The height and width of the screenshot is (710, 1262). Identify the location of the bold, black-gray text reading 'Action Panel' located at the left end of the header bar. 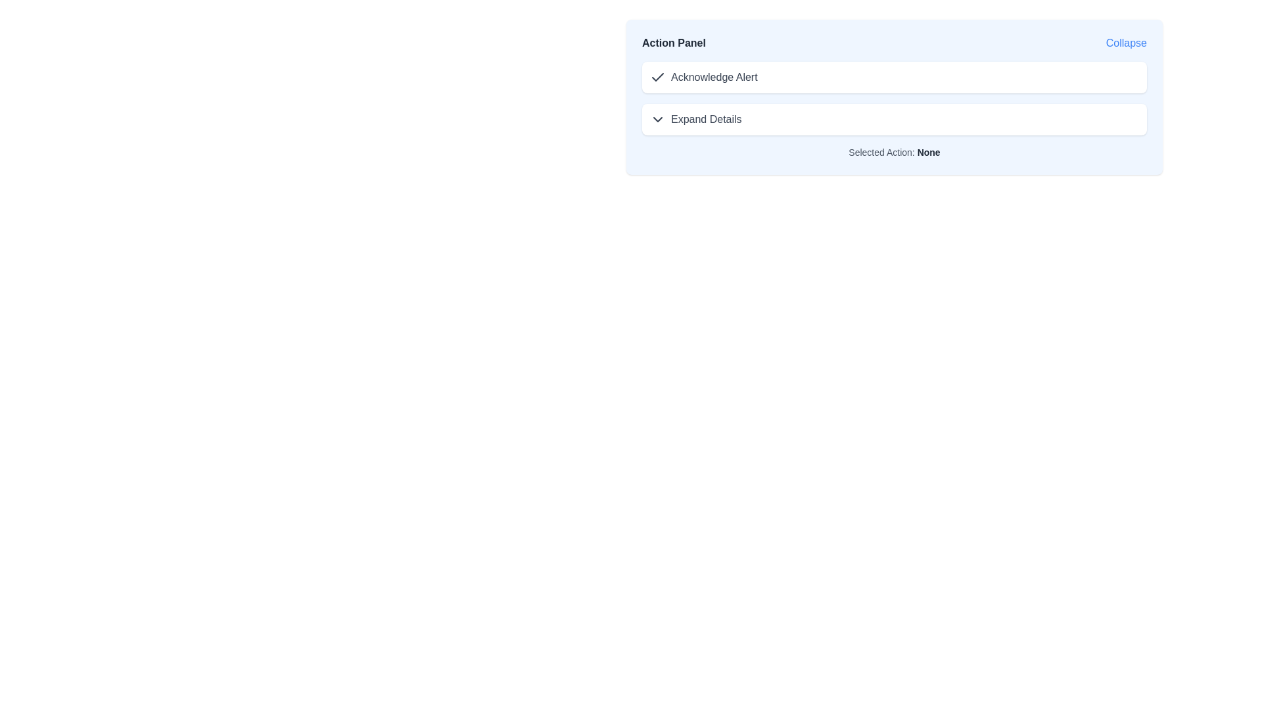
(674, 42).